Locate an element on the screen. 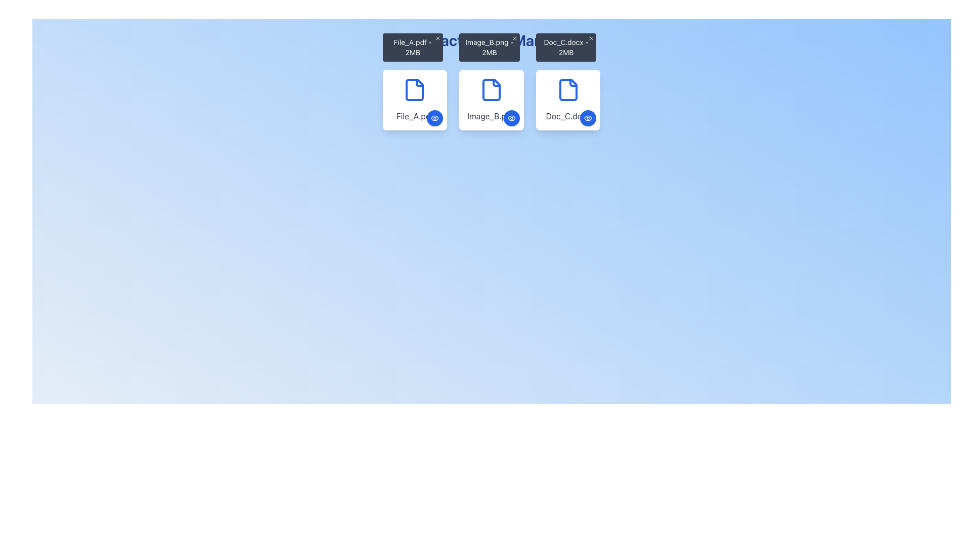 The width and height of the screenshot is (971, 546). the dark gray rectangular tooltip labeled 'File_A.pdf - 2MB' is located at coordinates (413, 47).